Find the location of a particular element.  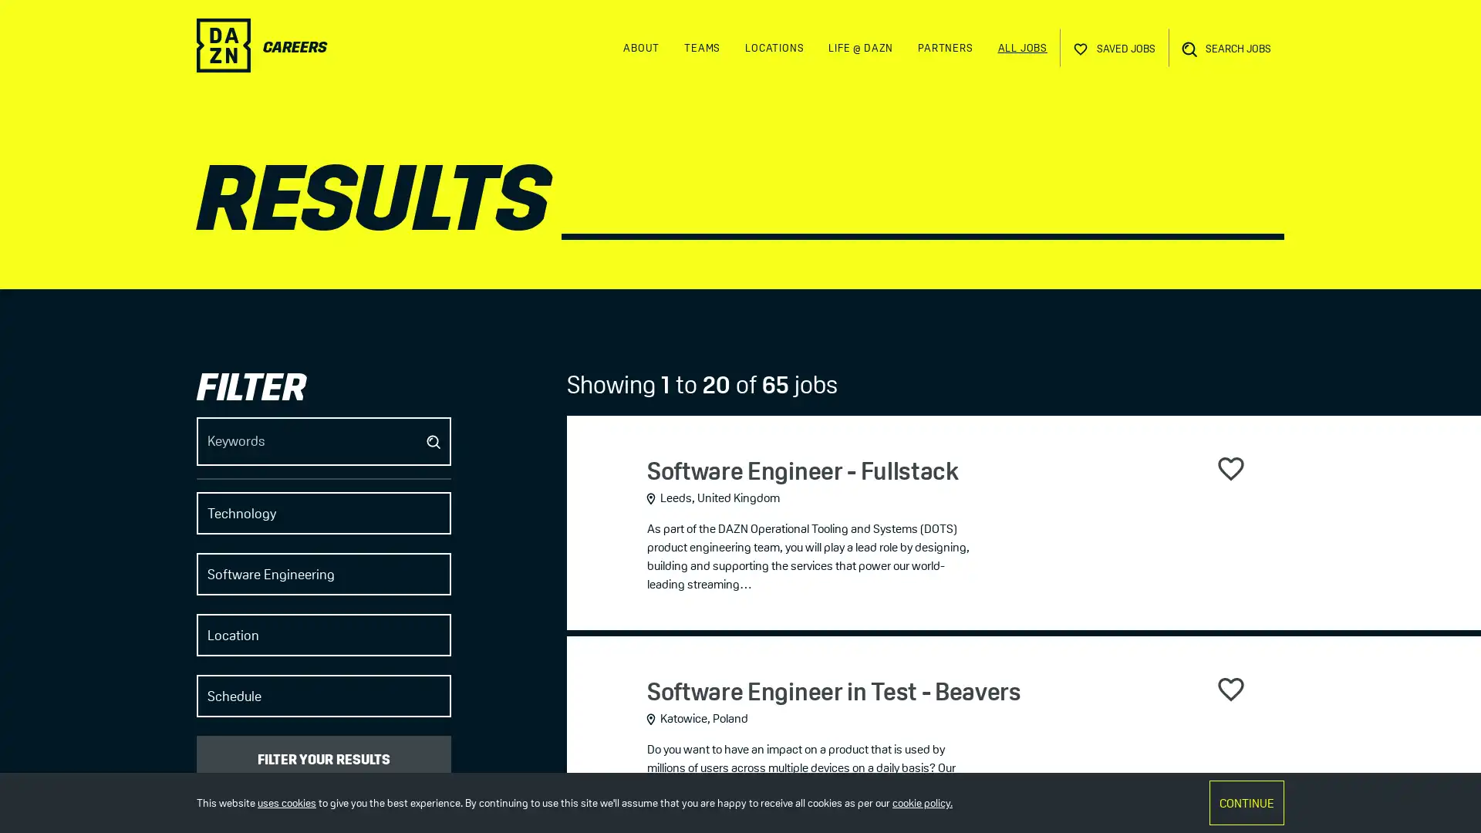

Open Search Bar SEARCH JOBS is located at coordinates (1224, 46).